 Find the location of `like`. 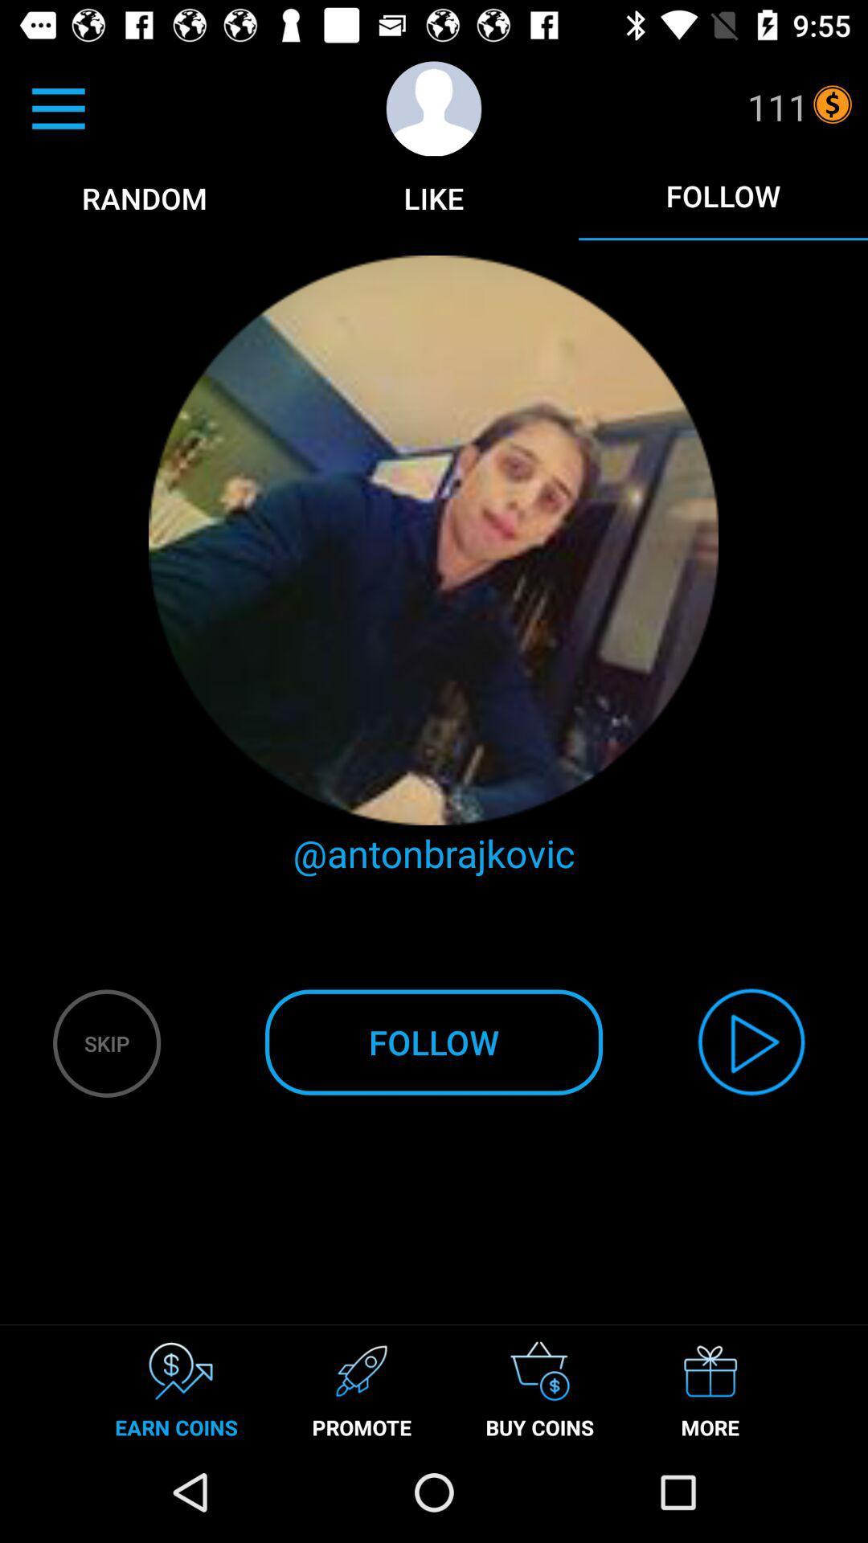

like is located at coordinates (434, 197).